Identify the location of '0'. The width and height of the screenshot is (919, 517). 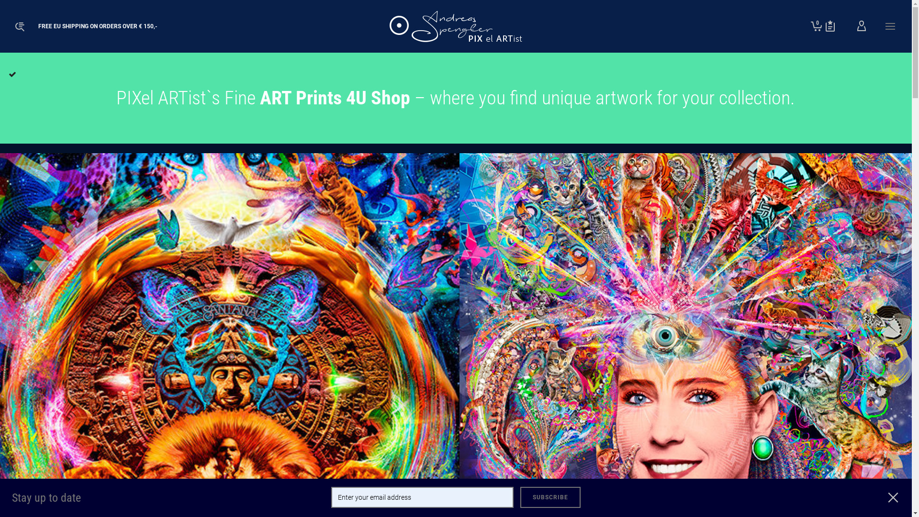
(816, 25).